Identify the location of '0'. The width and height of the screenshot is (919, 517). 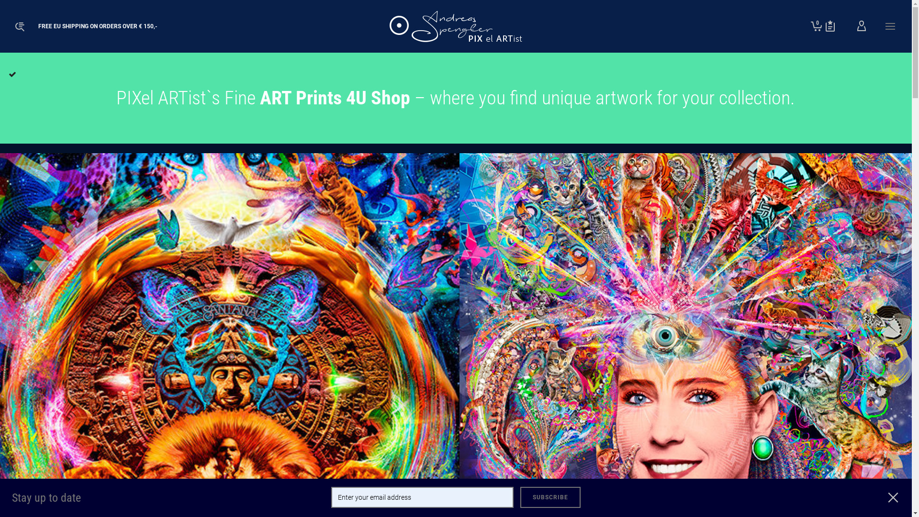
(816, 25).